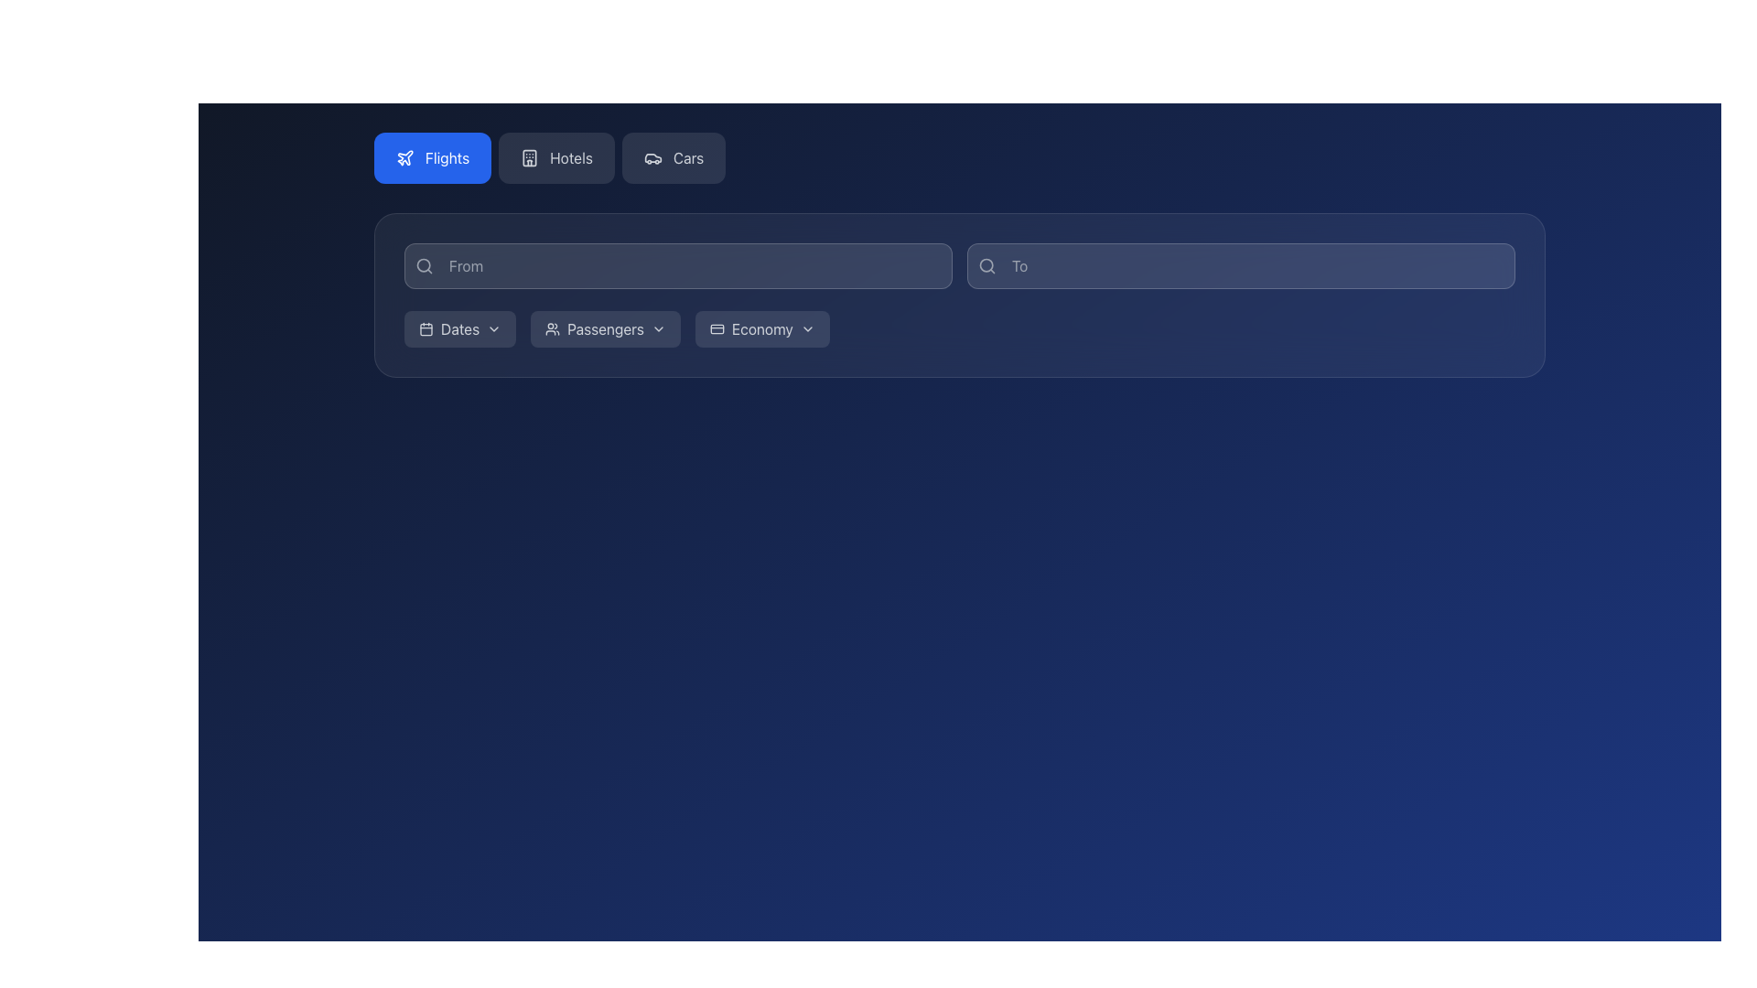 The width and height of the screenshot is (1757, 988). I want to click on the static text labeled 'Dates', which is styled with a gray font color and positioned between a calendar icon and a downward arrow icon, so click(460, 328).